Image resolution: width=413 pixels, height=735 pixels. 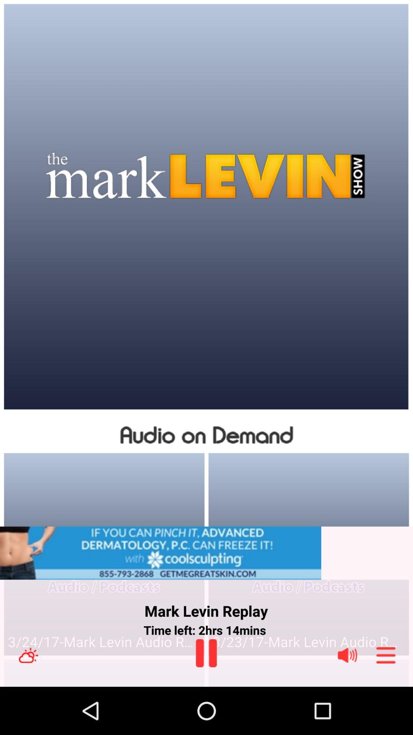 What do you see at coordinates (206, 699) in the screenshot?
I see `the pause icon` at bounding box center [206, 699].